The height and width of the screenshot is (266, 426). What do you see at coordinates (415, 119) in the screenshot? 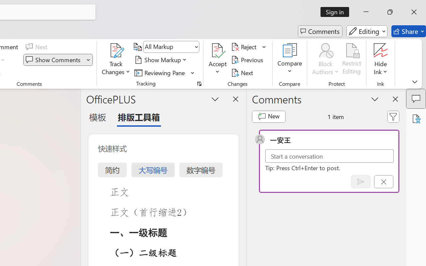
I see `'Accessibility Assistant'` at bounding box center [415, 119].